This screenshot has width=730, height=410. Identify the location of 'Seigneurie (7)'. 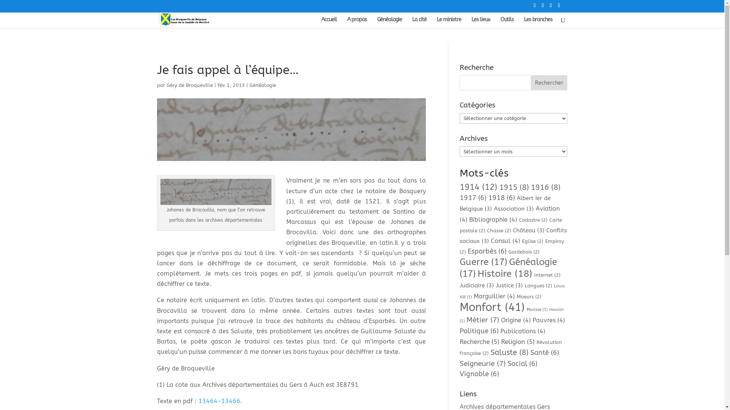
(482, 363).